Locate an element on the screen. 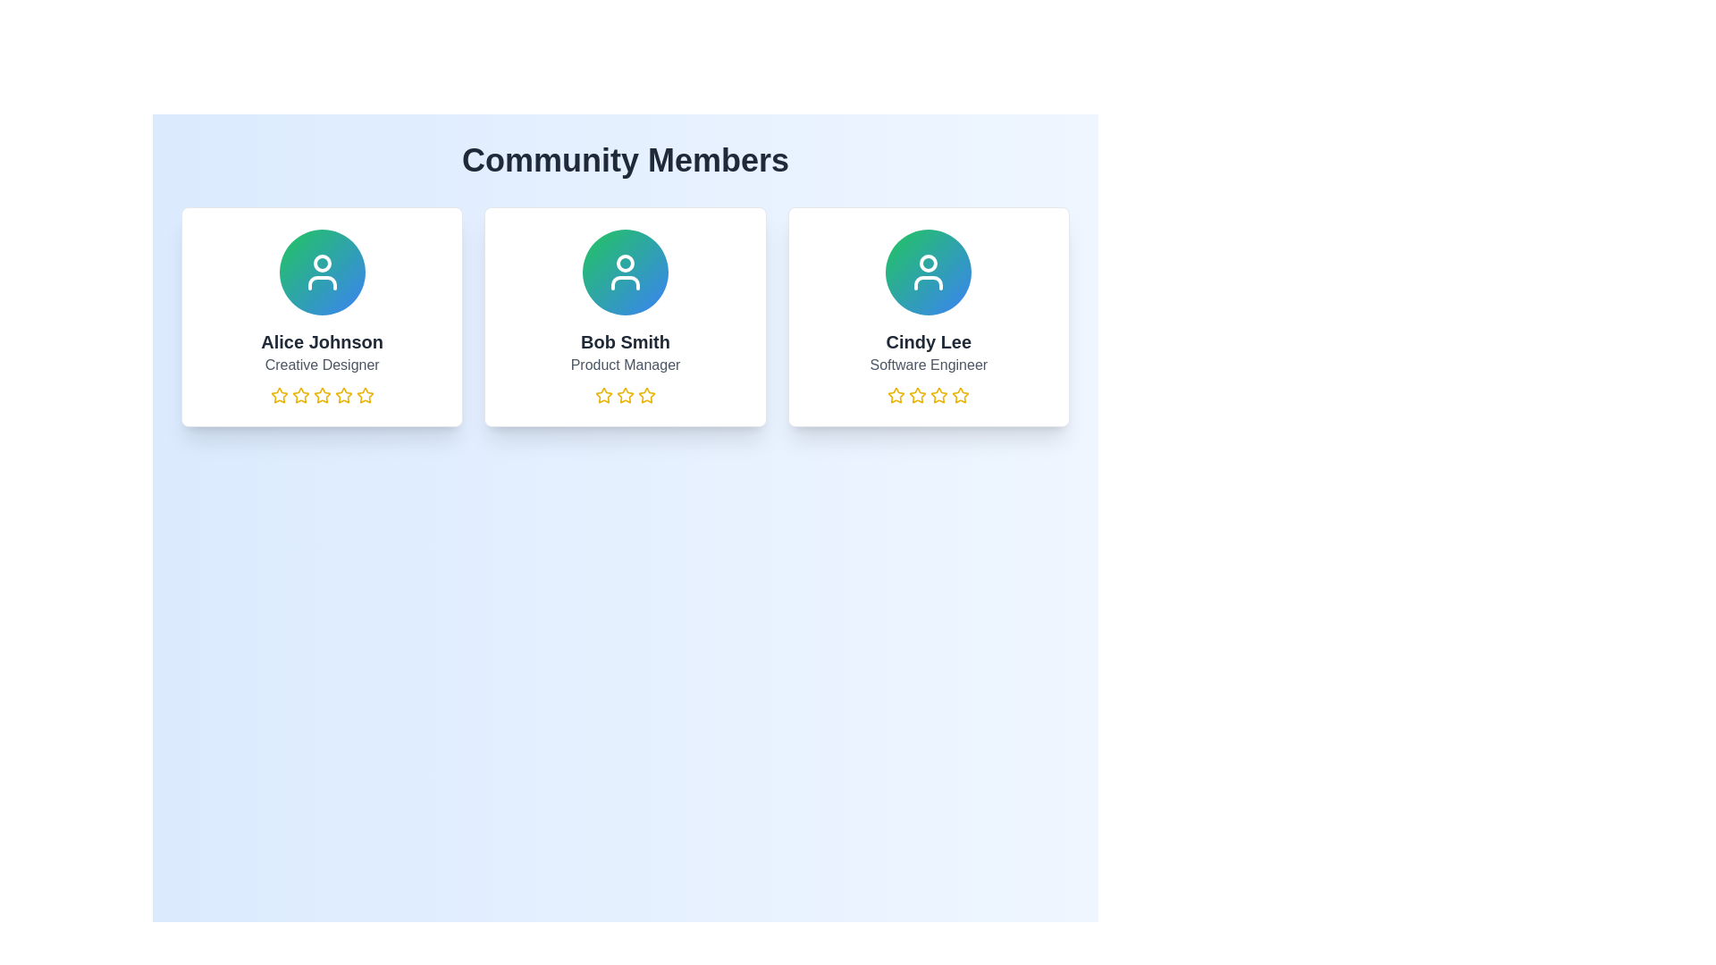  the avatar icon representing 'Cindy Lee' in the Community Members section, located below her name and above the star rating icons is located at coordinates (929, 272).